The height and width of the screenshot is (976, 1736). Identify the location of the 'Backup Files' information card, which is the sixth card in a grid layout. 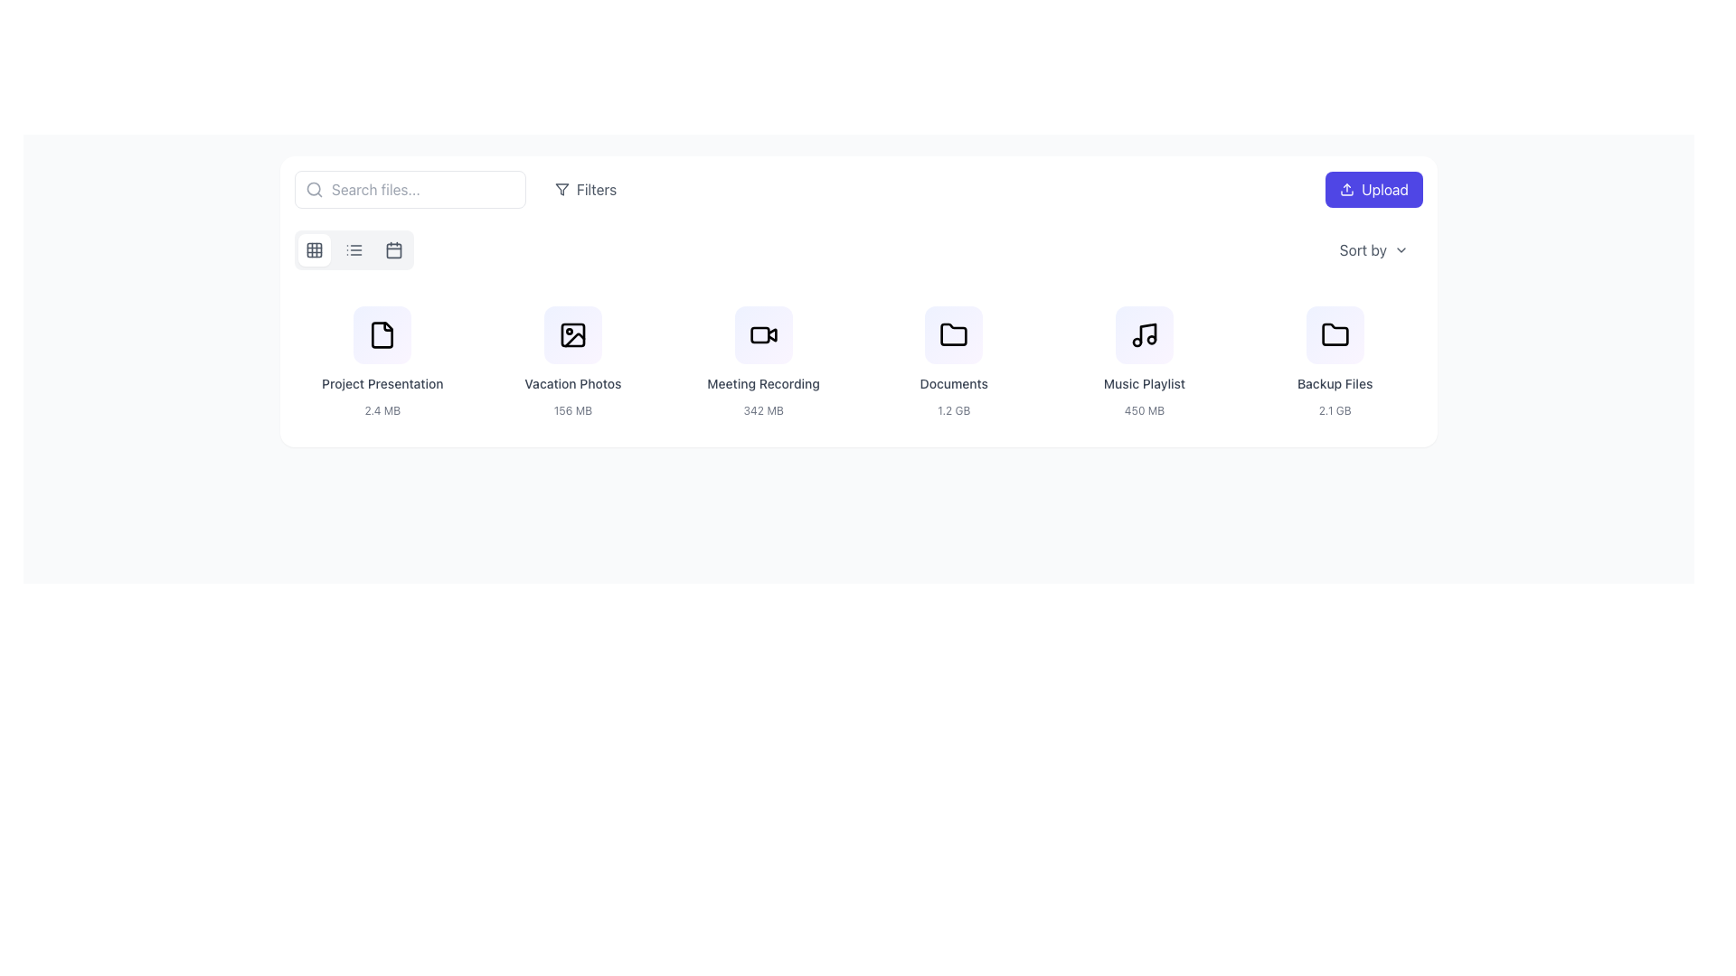
(1335, 362).